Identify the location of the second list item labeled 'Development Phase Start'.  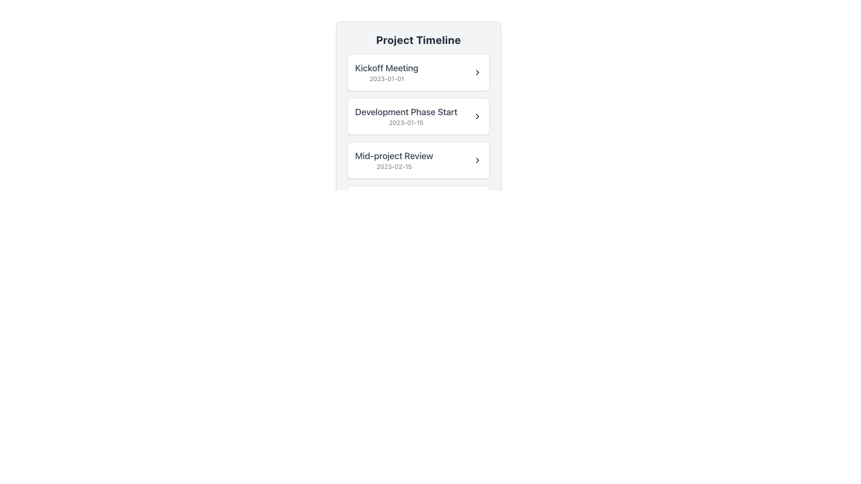
(418, 116).